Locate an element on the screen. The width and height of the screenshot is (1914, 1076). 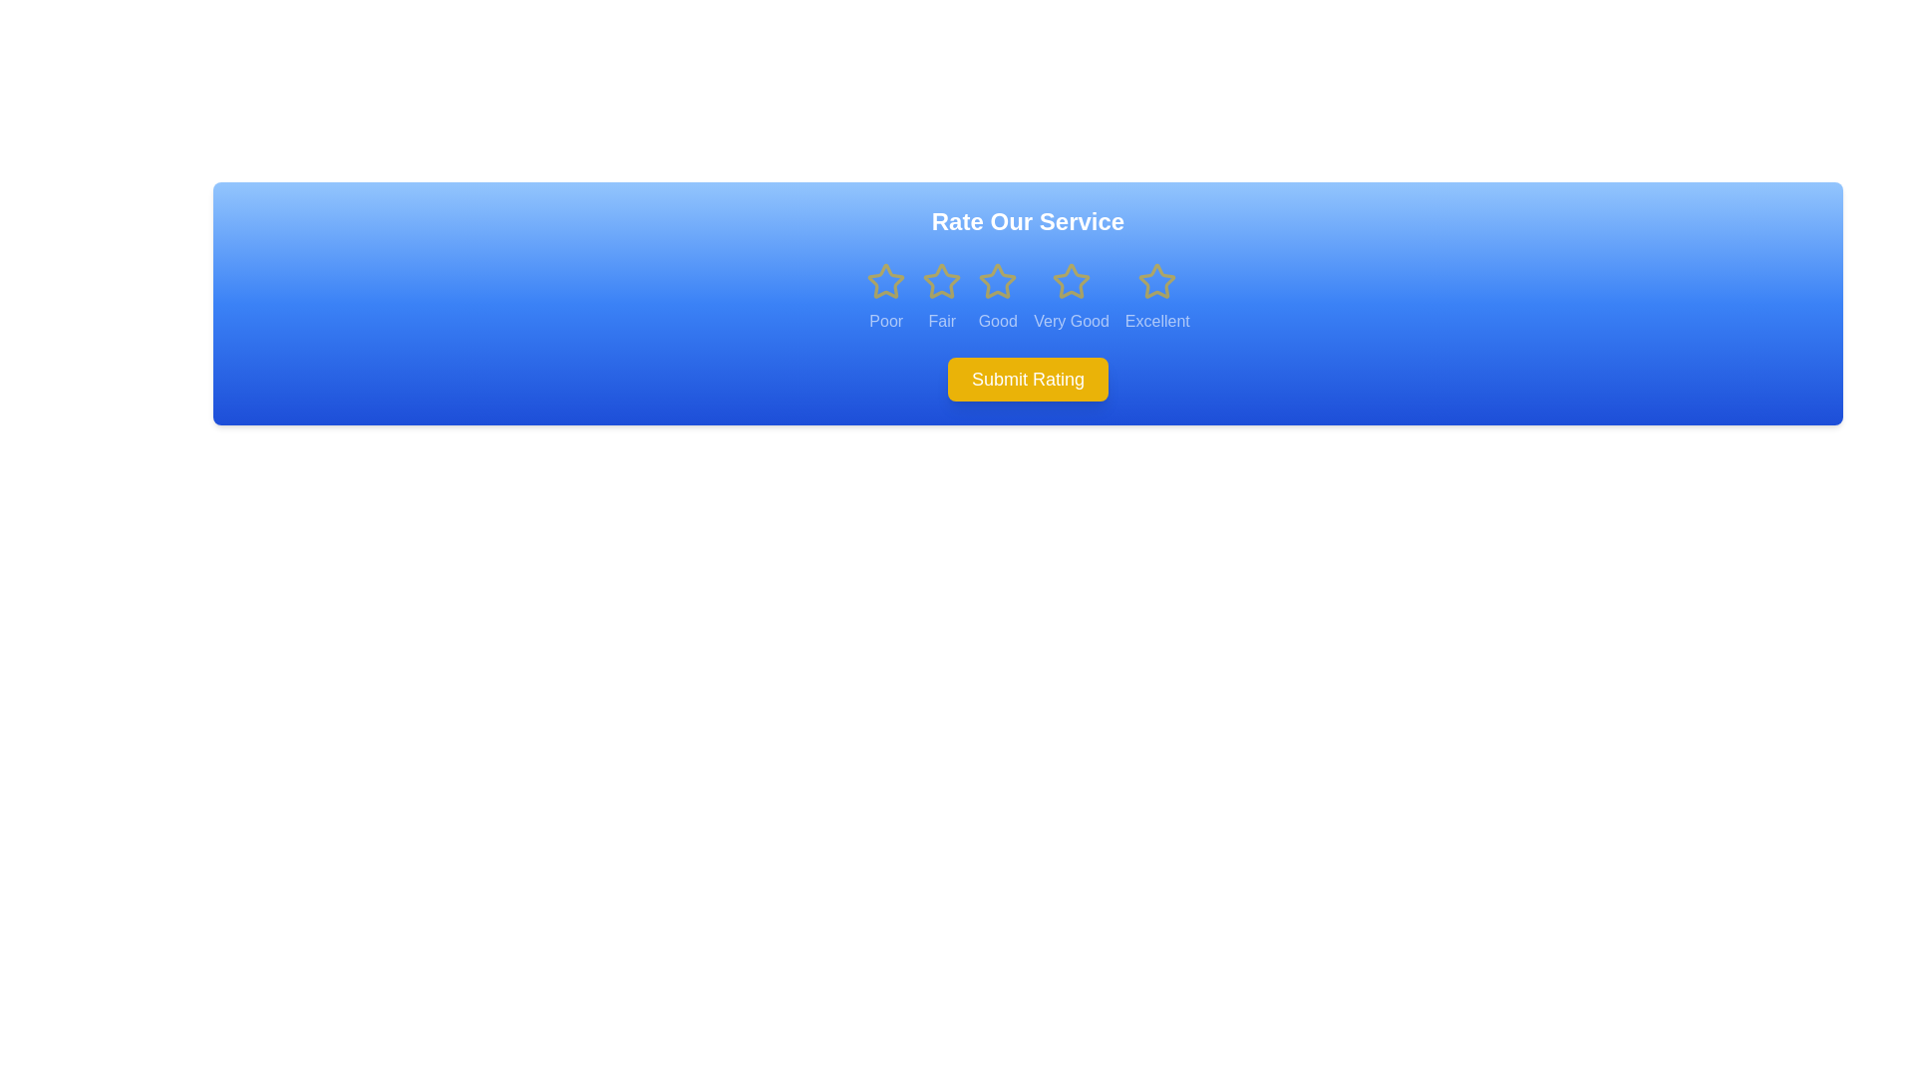
the 'Excellent' rating option, which is the fifth item in a horizontal list of ratings on a blue background is located at coordinates (1157, 298).